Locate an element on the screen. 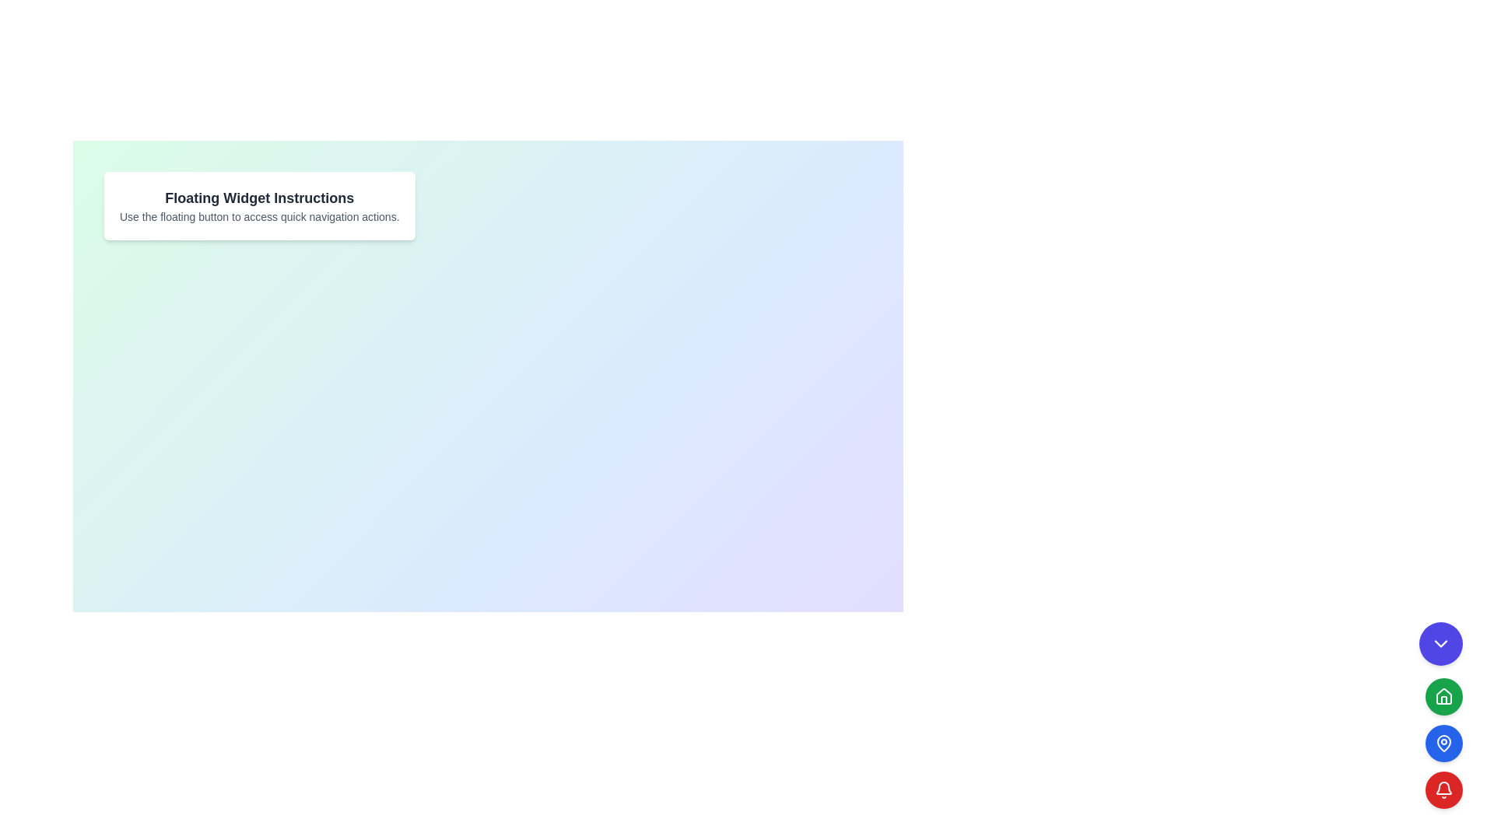 This screenshot has width=1494, height=840. the notification button, which is the fourth and bottommost button in a vertical alignment on the right-hand side of the interface is located at coordinates (1443, 788).